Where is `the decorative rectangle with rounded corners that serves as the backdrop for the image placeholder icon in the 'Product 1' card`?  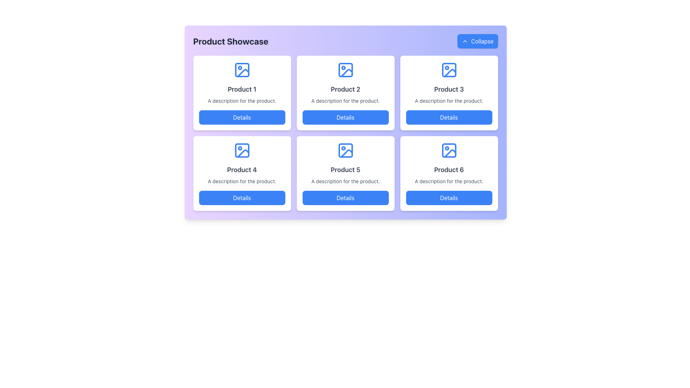
the decorative rectangle with rounded corners that serves as the backdrop for the image placeholder icon in the 'Product 1' card is located at coordinates (242, 70).